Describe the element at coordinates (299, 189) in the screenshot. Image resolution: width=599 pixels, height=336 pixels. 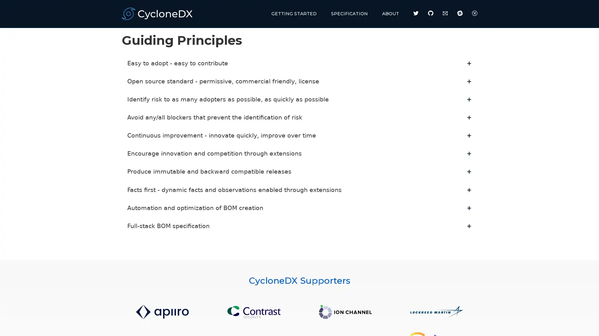
I see `Facts first - dynamic facts and observations enabled through extensions +` at that location.